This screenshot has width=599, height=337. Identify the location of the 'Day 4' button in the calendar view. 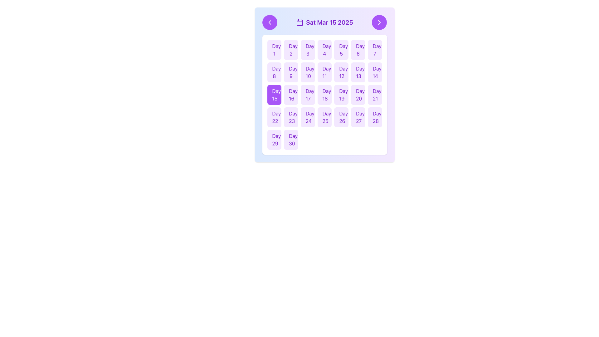
(324, 49).